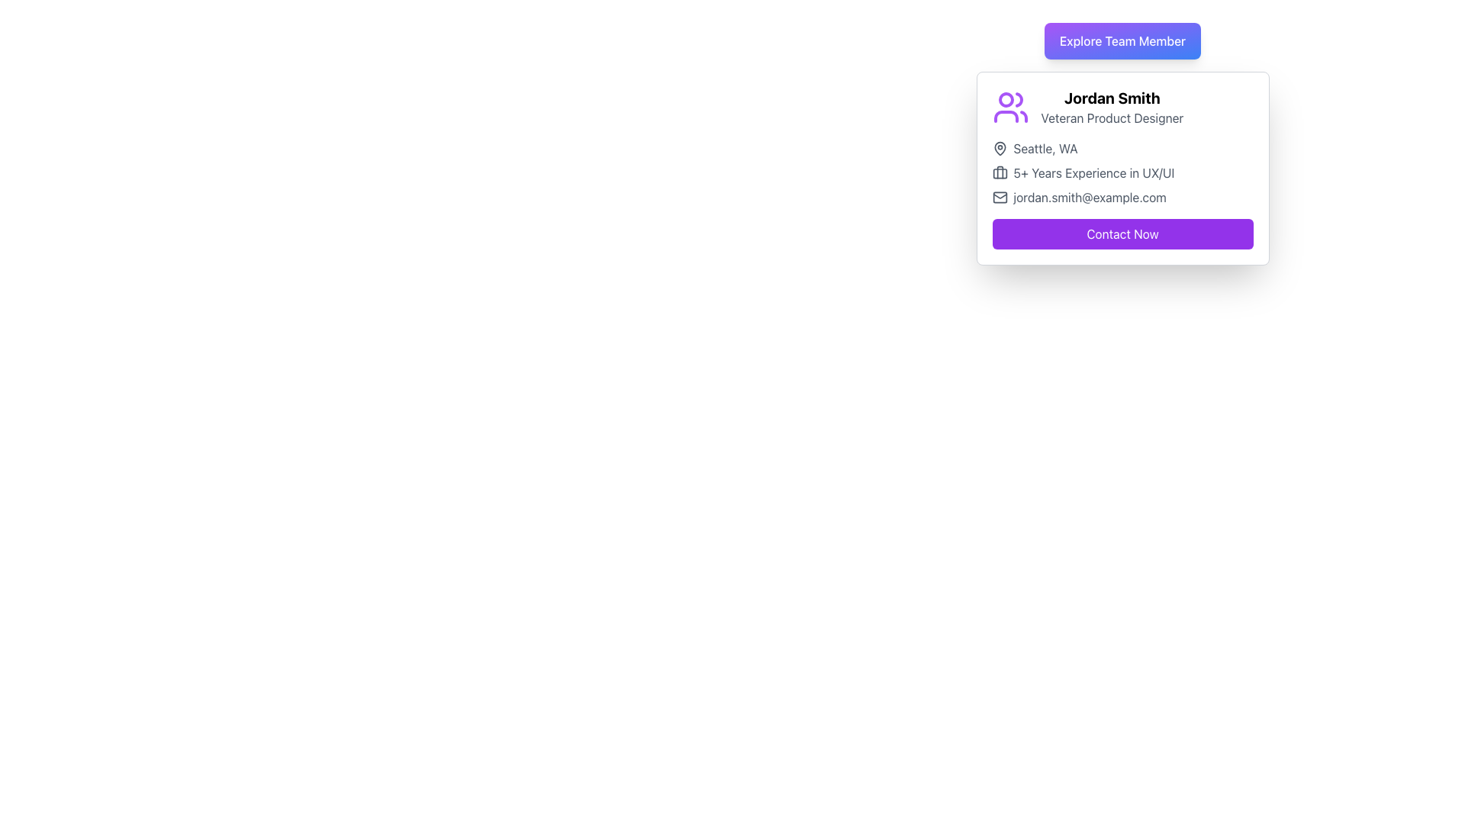 The width and height of the screenshot is (1465, 824). I want to click on the email address display area labeled 'jordan.smith@example.com' with an envelope icon to its left, positioned above the 'Contact Now' button, so click(1122, 196).